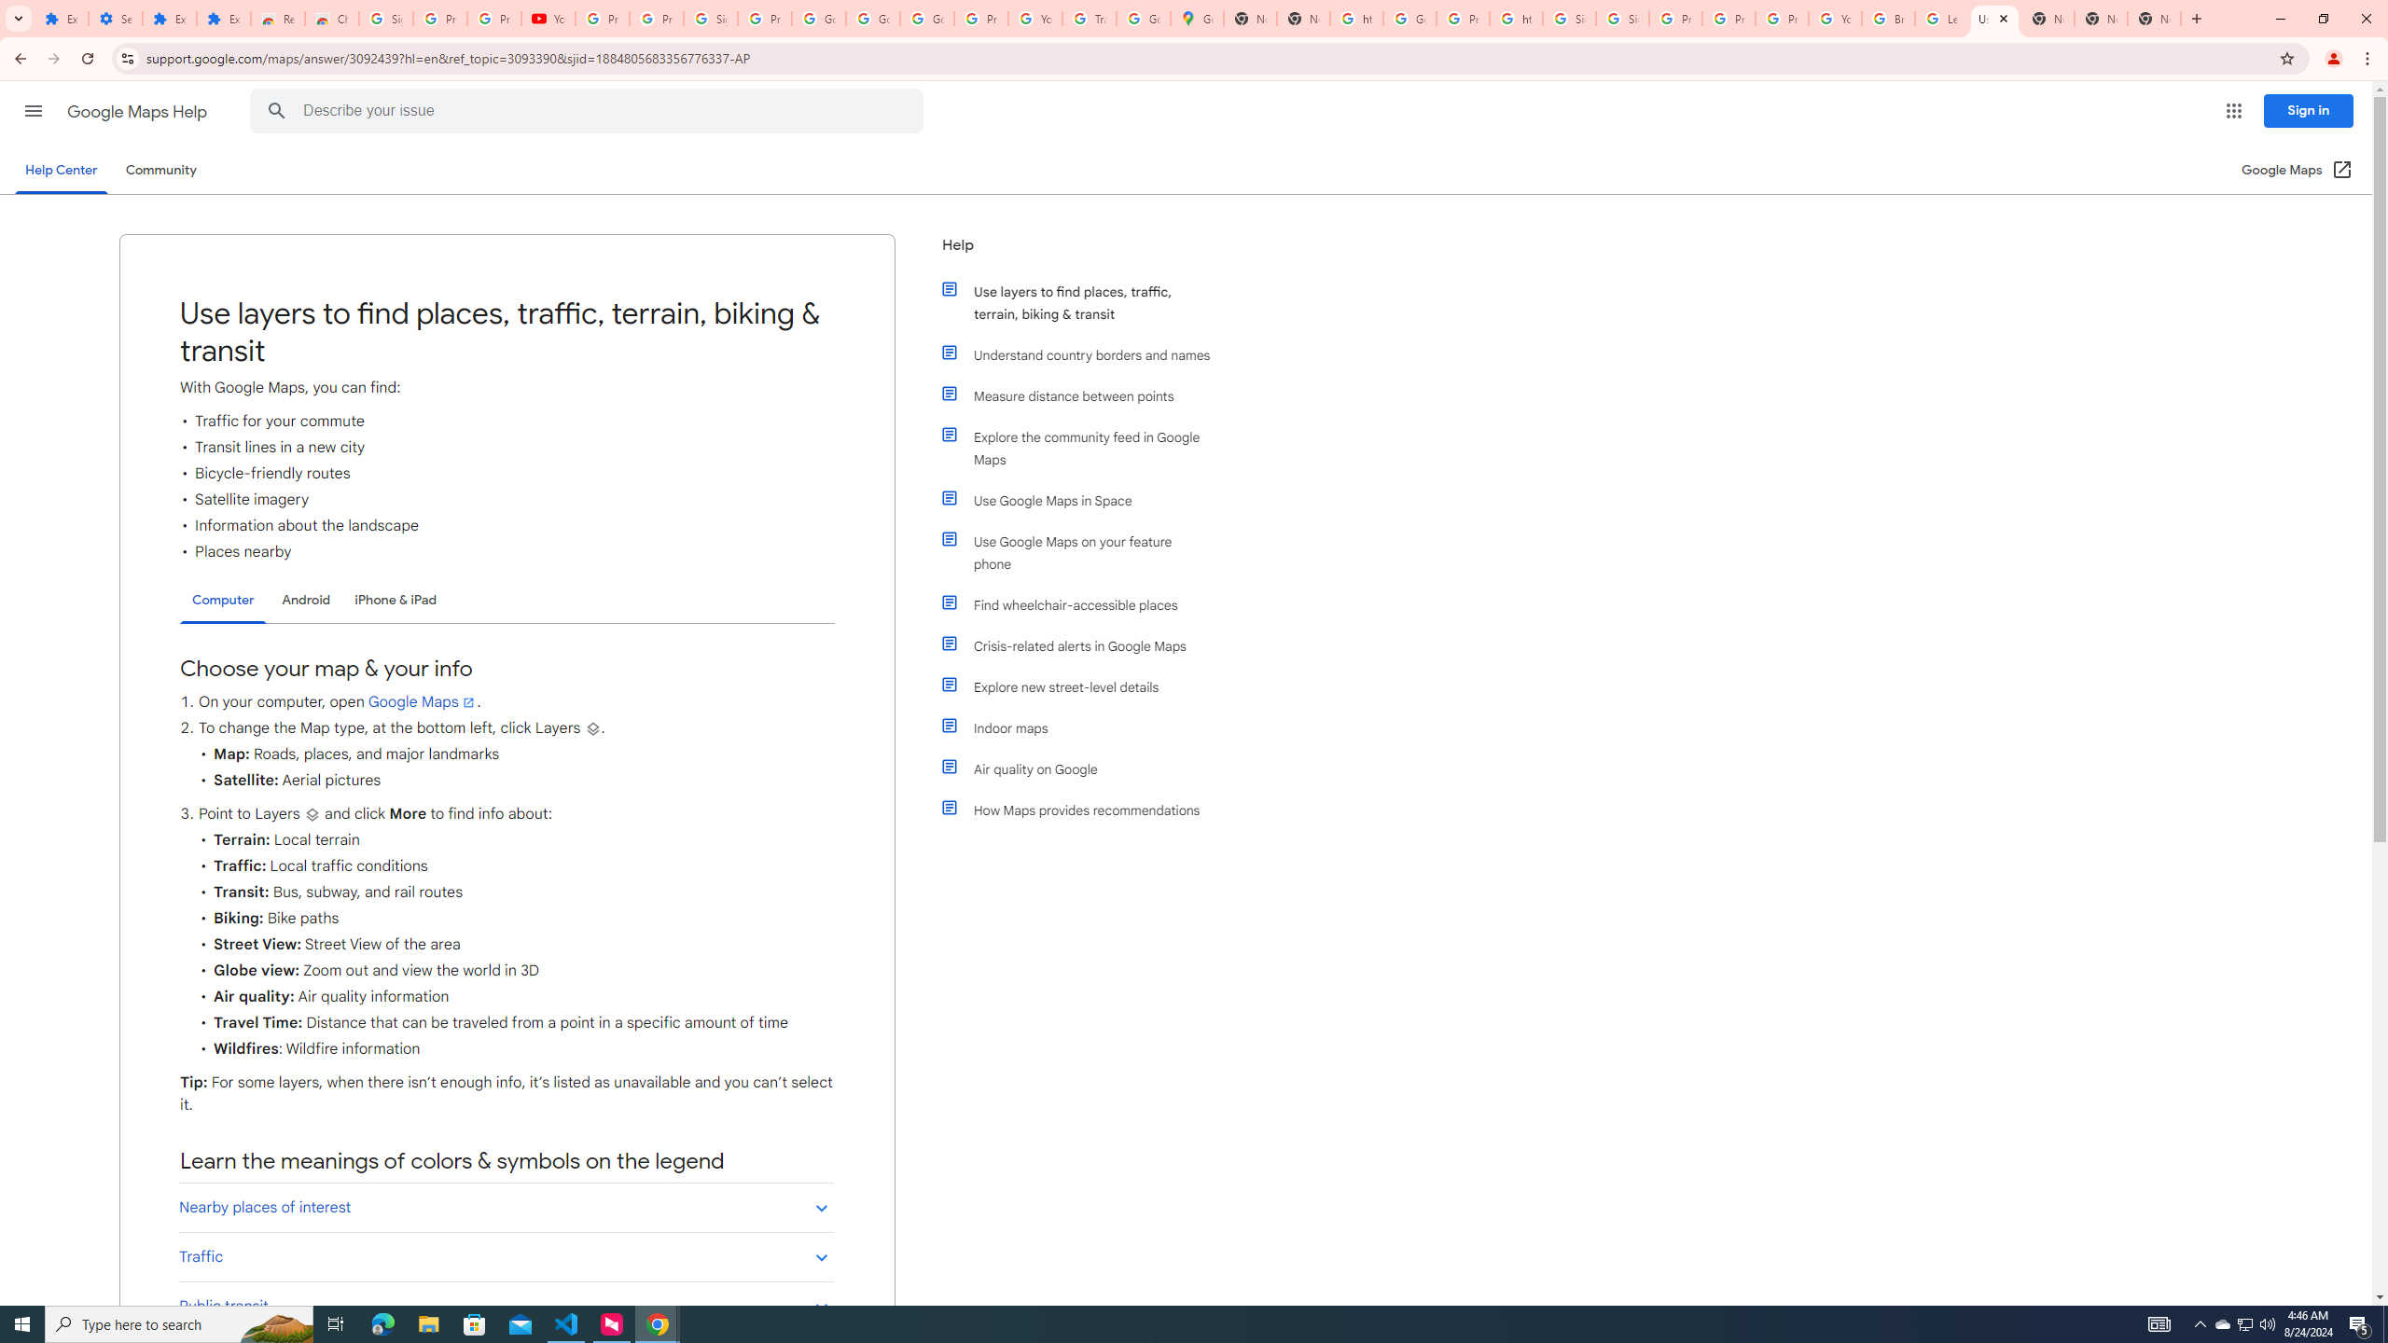  I want to click on 'Restore', so click(2323, 18).